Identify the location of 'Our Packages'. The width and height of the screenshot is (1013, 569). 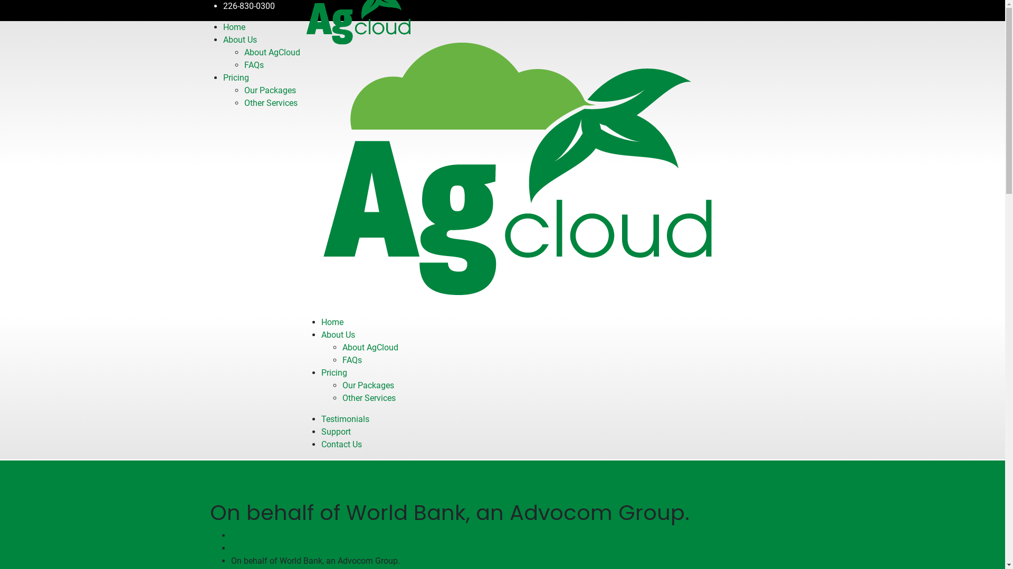
(342, 385).